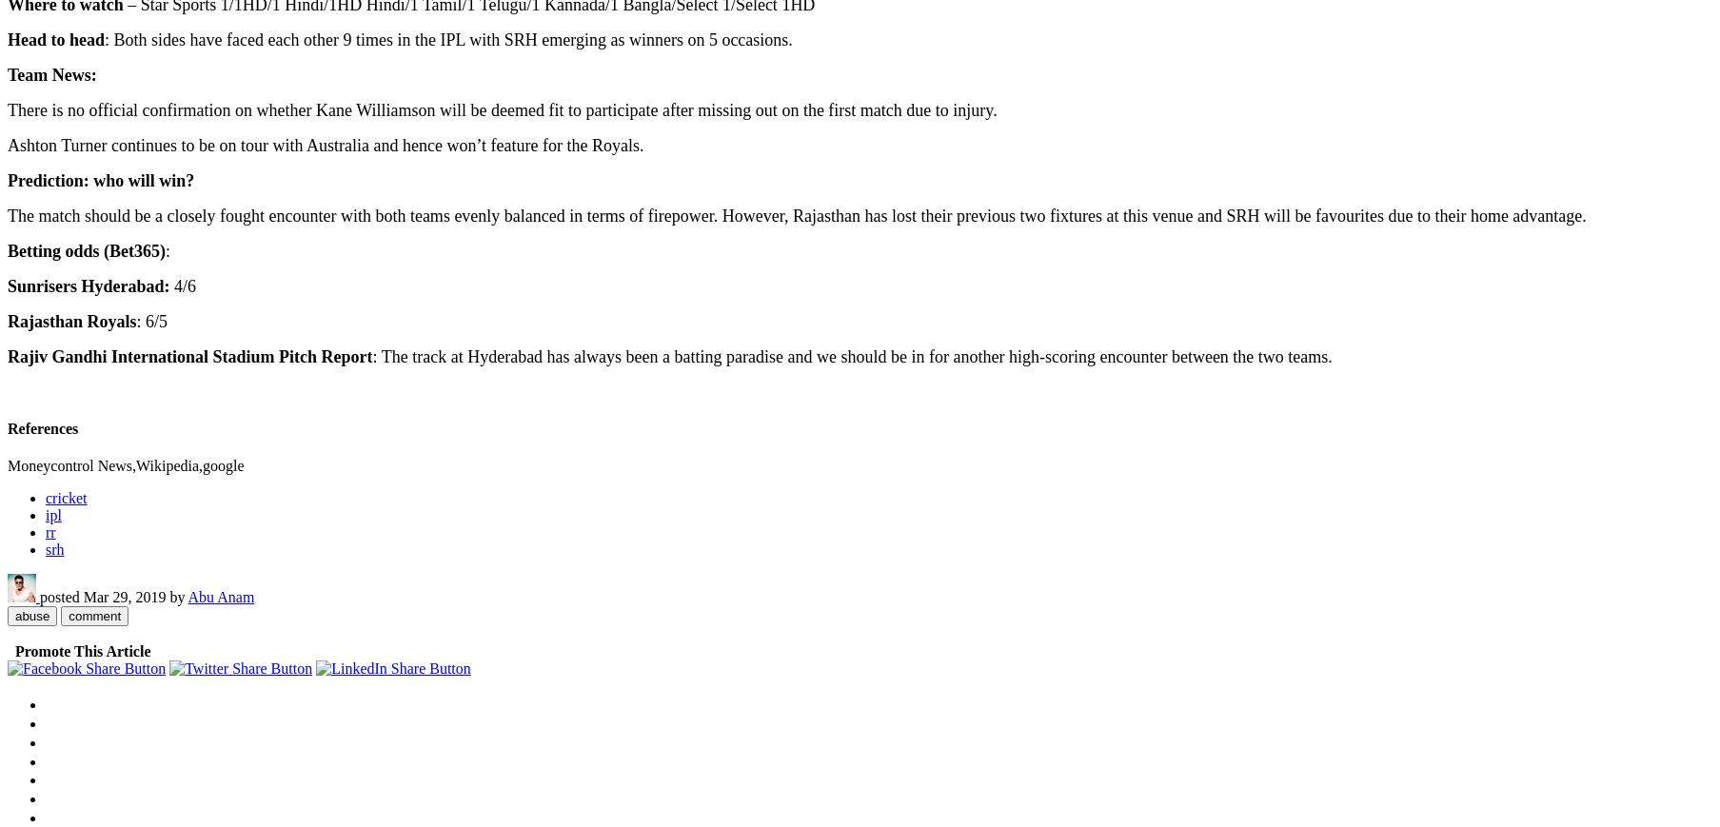  Describe the element at coordinates (100, 179) in the screenshot. I see `'Prediction: who will win?'` at that location.